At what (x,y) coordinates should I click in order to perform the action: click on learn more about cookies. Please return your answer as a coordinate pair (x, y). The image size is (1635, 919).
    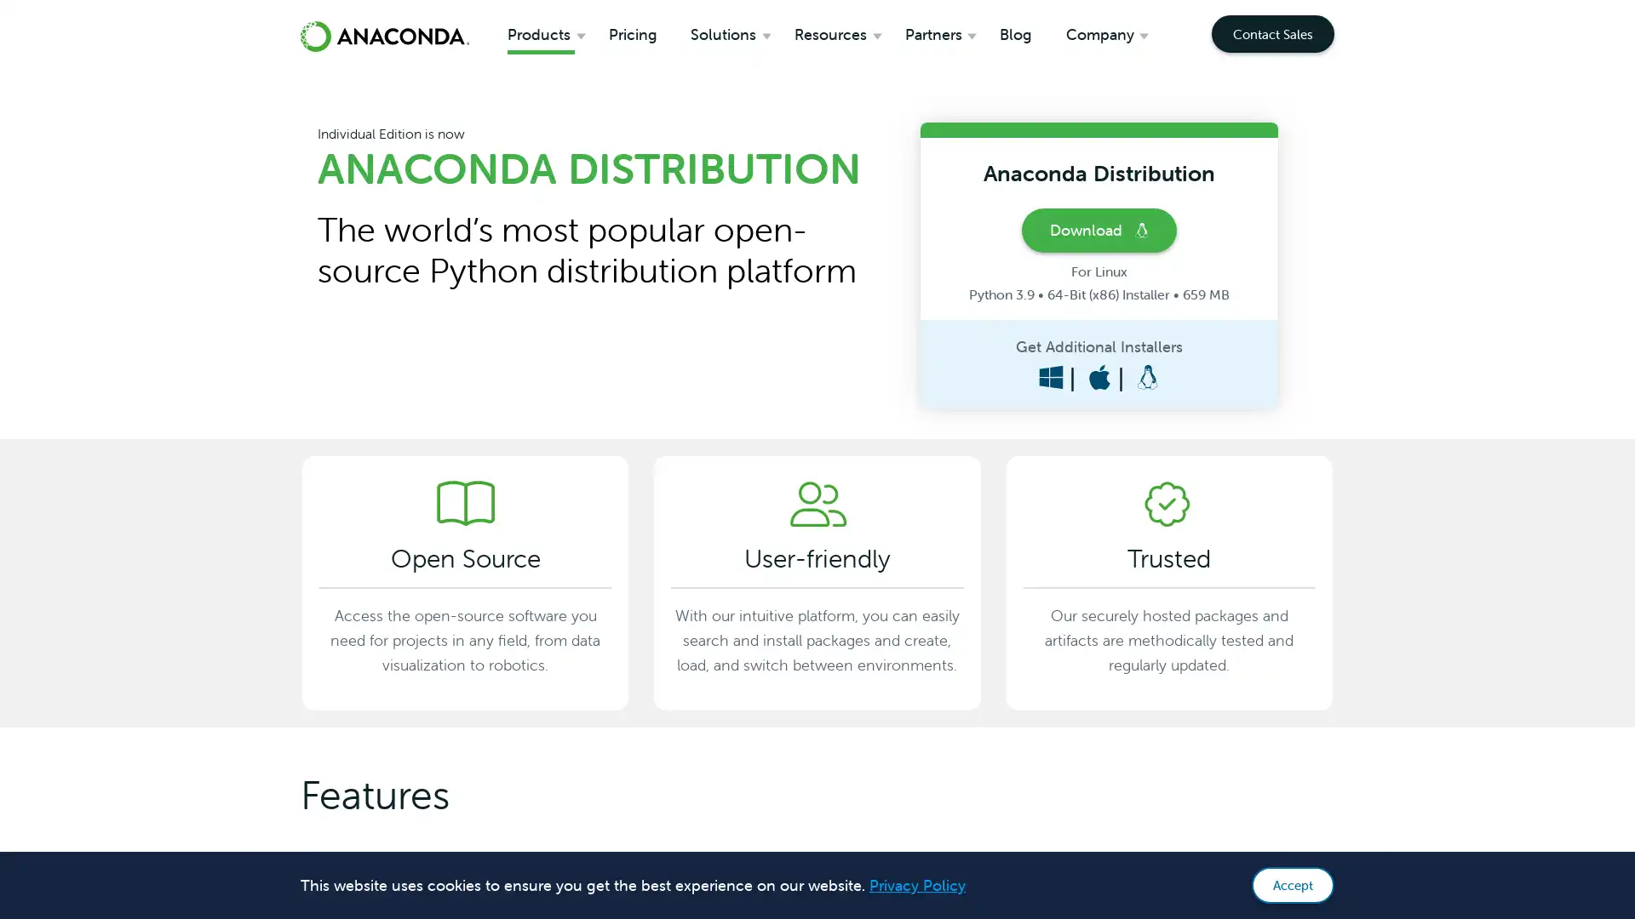
    Looking at the image, I should click on (916, 883).